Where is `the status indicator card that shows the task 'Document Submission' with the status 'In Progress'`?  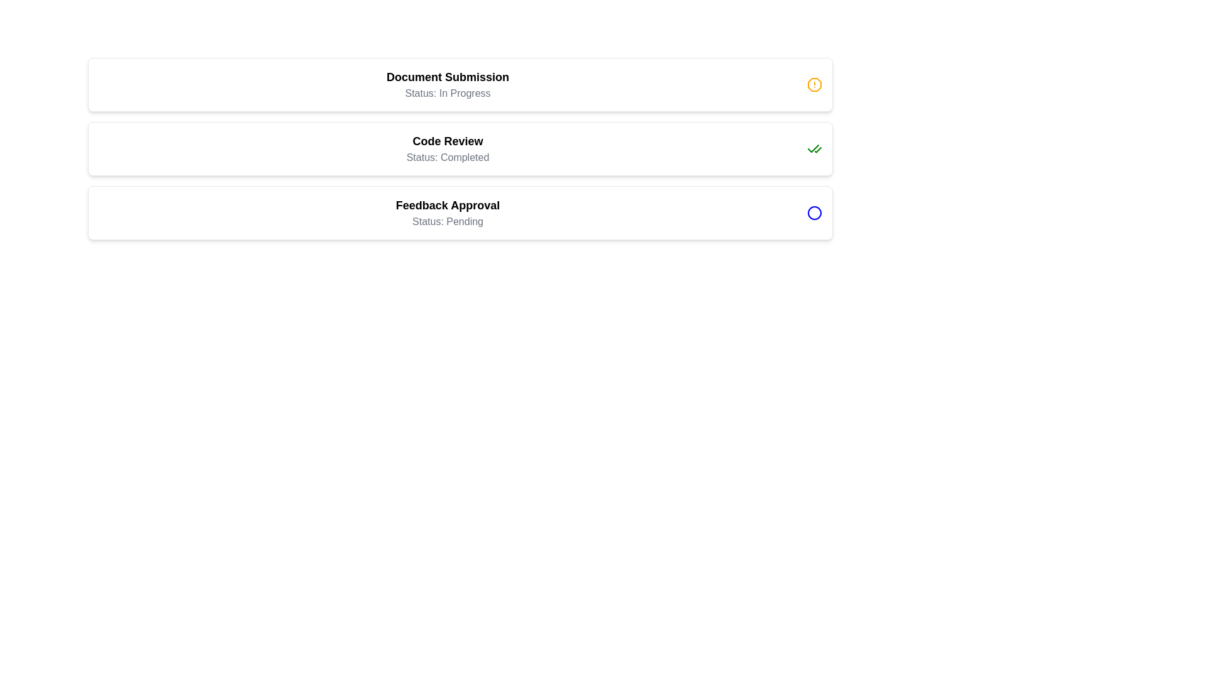 the status indicator card that shows the task 'Document Submission' with the status 'In Progress' is located at coordinates (460, 85).